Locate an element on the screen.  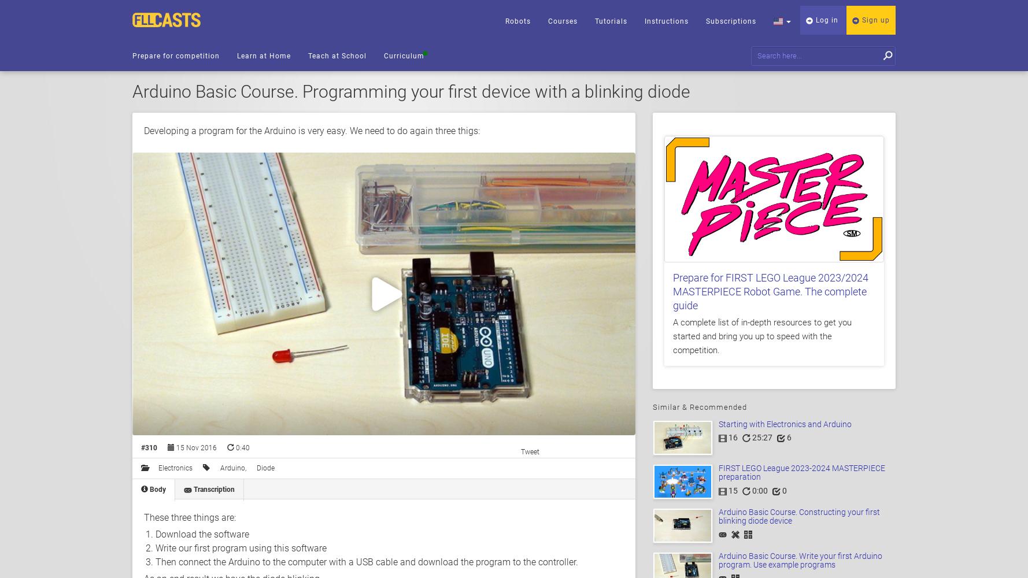
'Write our first program using this software' is located at coordinates (156, 547).